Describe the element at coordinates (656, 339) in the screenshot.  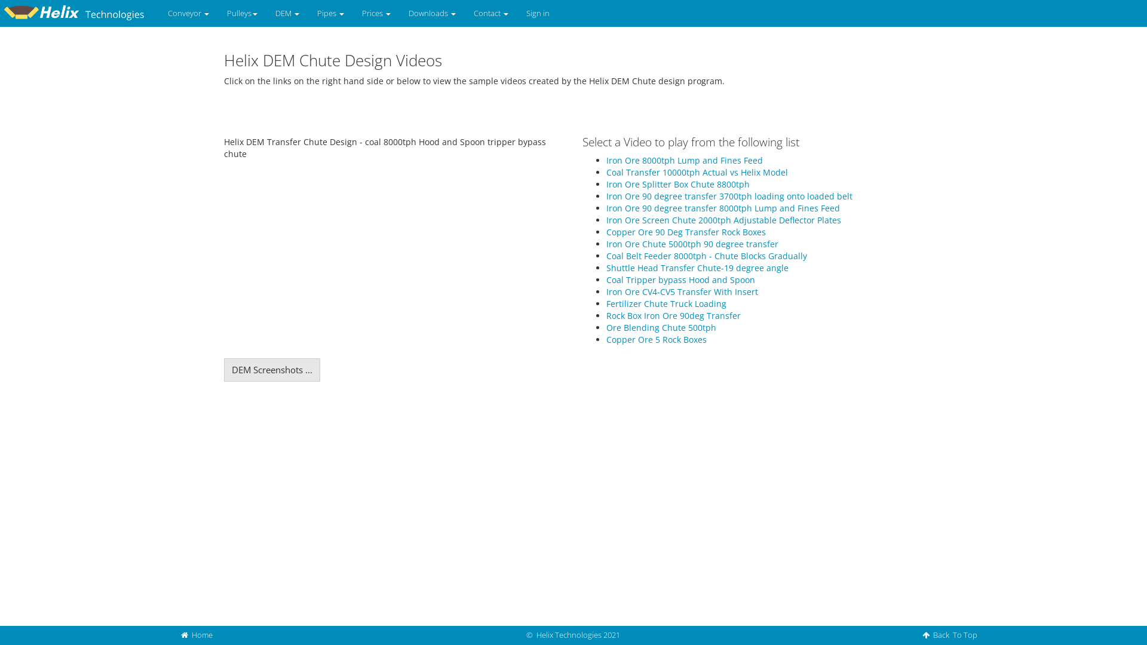
I see `'Copper Ore 5 Rock Boxes'` at that location.